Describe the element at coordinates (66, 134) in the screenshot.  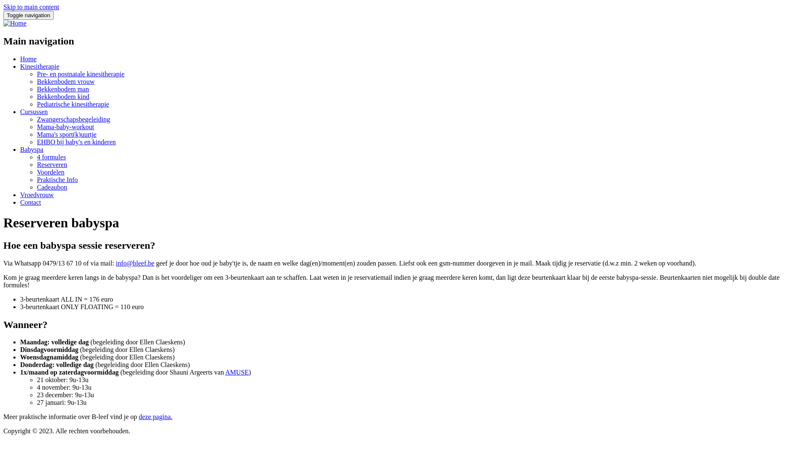
I see `'Mama's sport(k)uurtje'` at that location.